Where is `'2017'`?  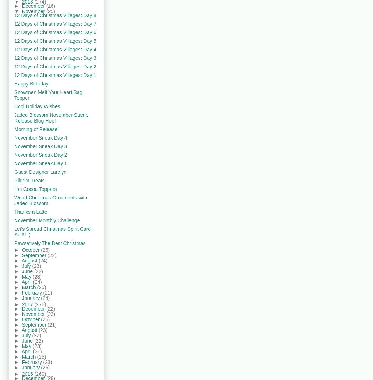
'2017' is located at coordinates (28, 304).